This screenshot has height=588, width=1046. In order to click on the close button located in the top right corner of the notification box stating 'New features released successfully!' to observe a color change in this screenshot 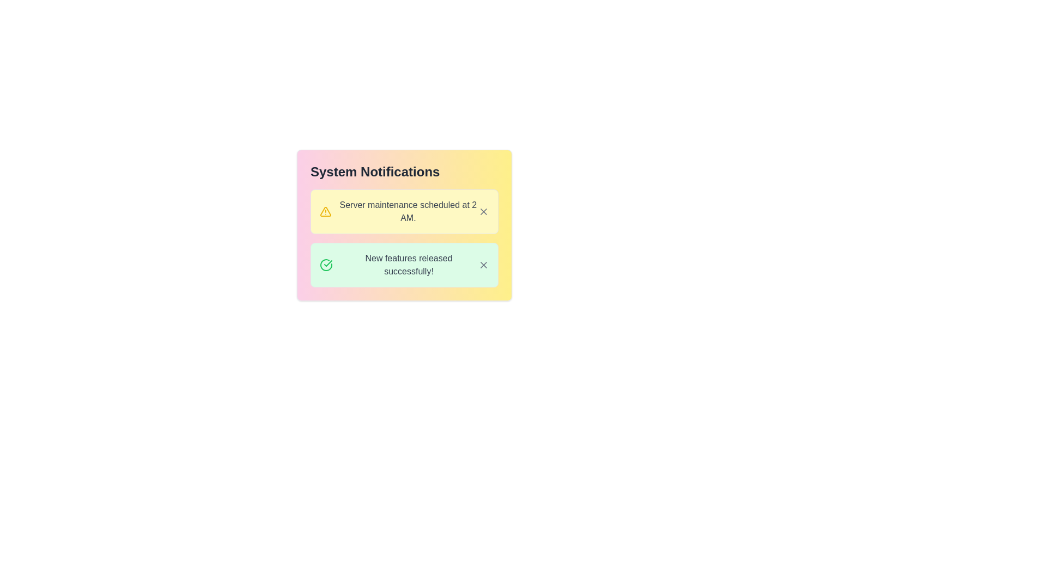, I will do `click(483, 265)`.